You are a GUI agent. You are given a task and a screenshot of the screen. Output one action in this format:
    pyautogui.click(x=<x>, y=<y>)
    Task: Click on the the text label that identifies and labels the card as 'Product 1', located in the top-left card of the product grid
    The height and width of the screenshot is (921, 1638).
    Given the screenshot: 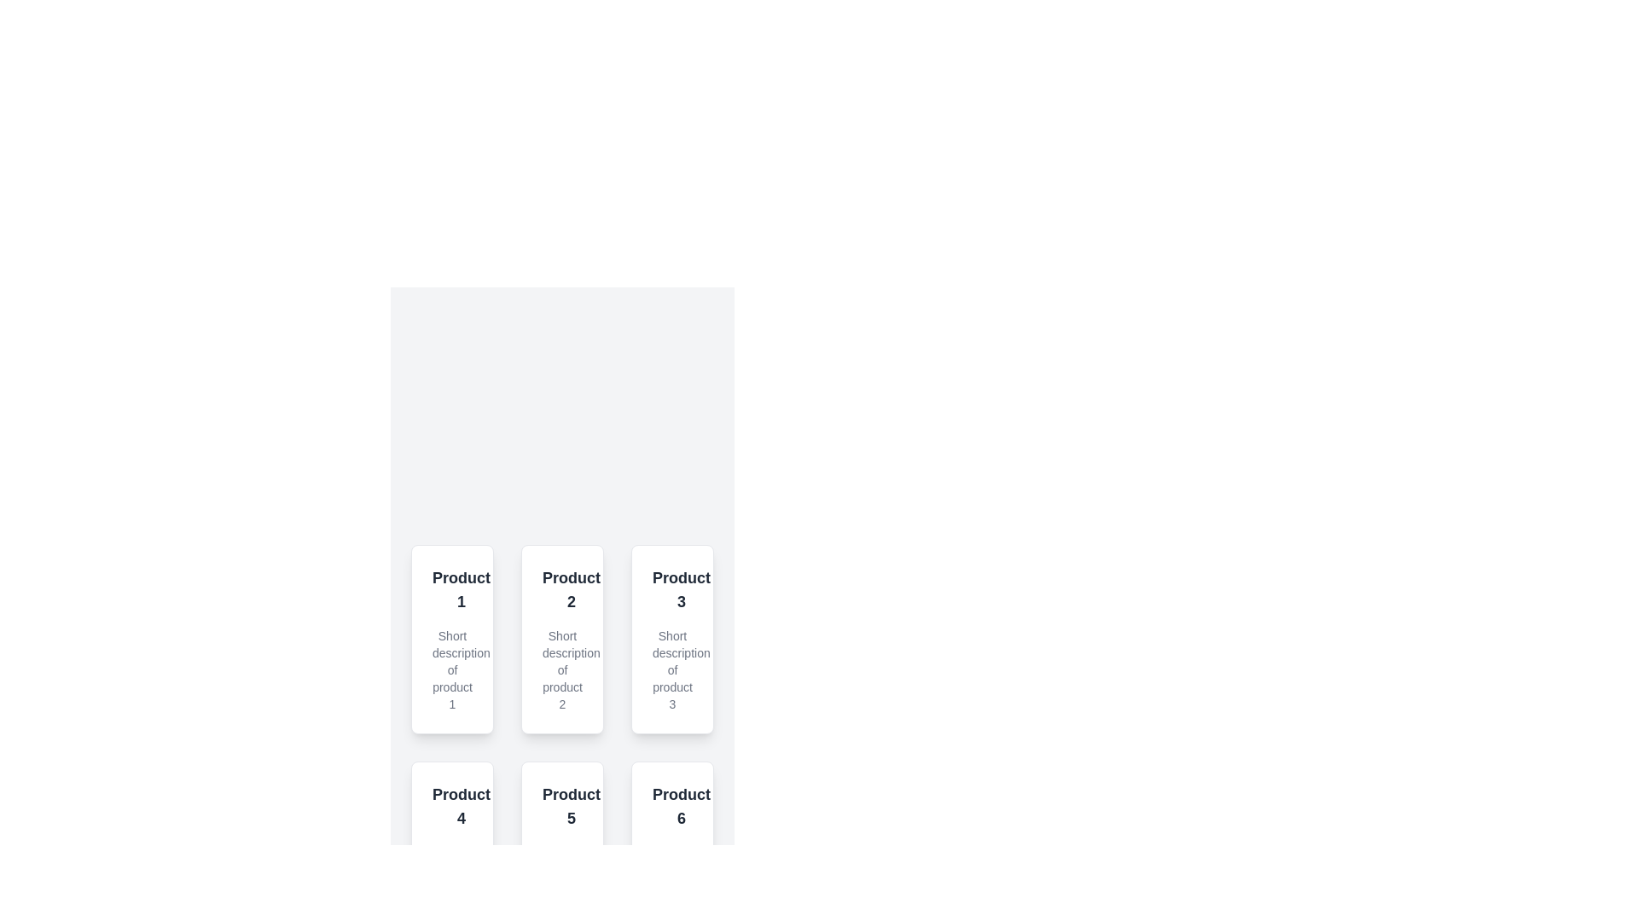 What is the action you would take?
    pyautogui.click(x=462, y=588)
    